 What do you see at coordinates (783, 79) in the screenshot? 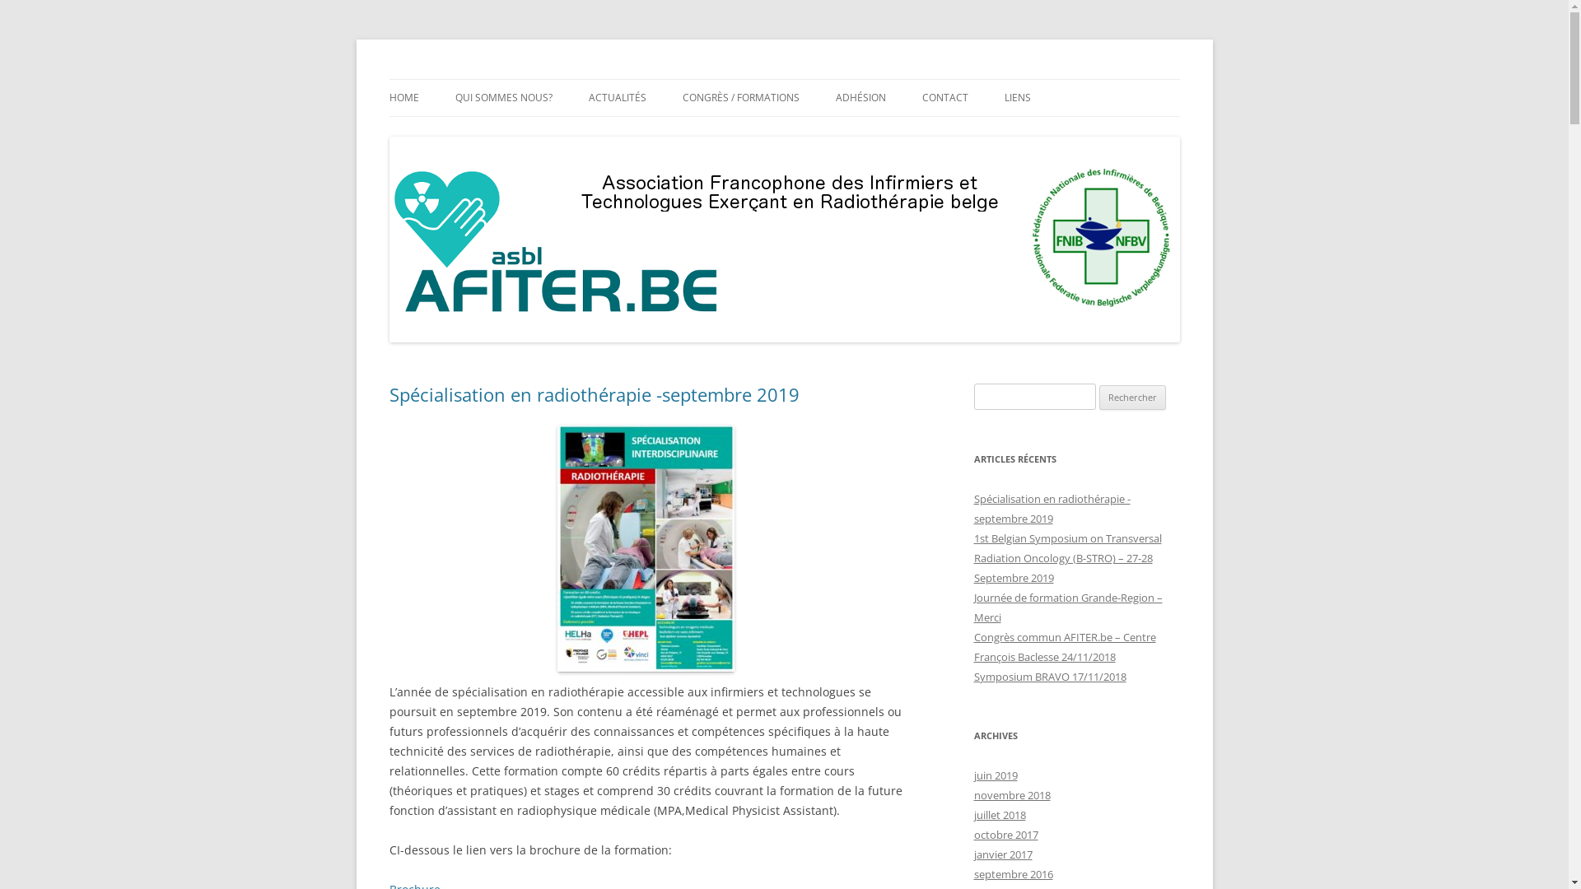
I see `'Aller au contenu'` at bounding box center [783, 79].